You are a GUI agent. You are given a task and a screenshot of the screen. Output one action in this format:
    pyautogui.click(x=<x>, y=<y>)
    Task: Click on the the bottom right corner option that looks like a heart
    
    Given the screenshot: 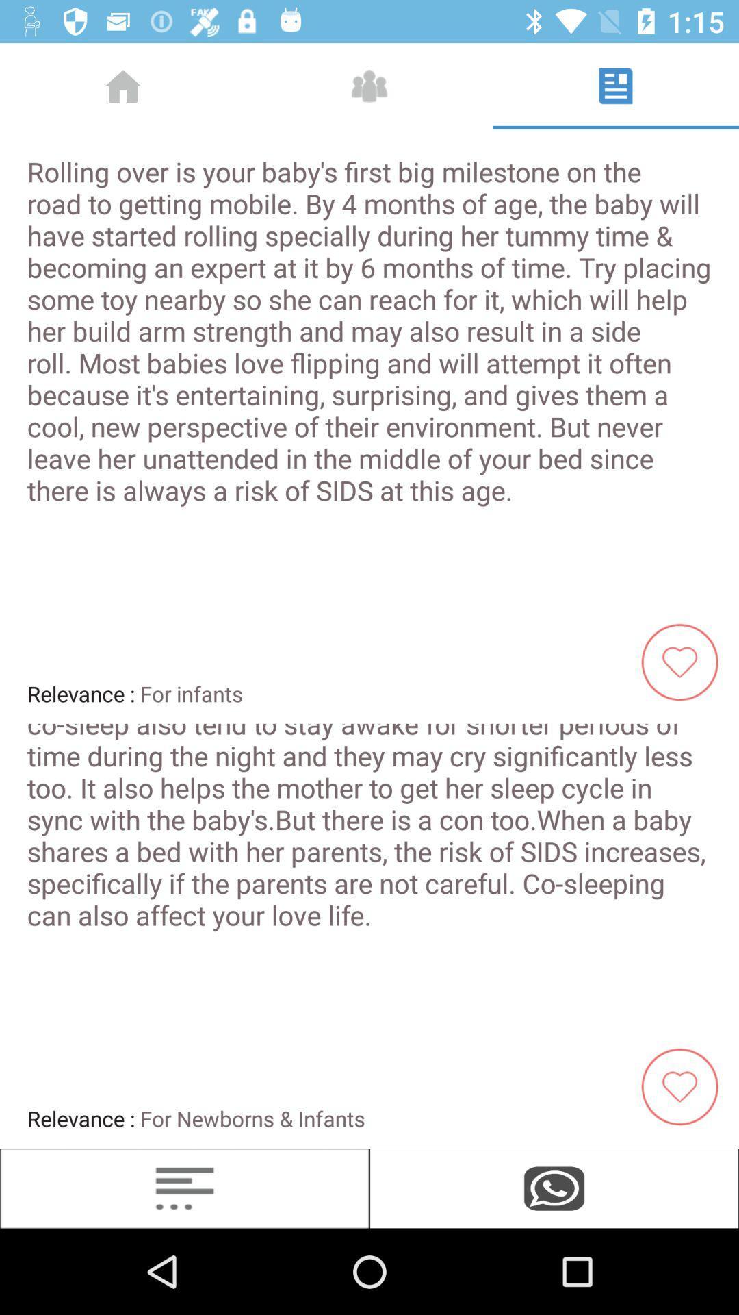 What is the action you would take?
    pyautogui.click(x=685, y=1085)
    